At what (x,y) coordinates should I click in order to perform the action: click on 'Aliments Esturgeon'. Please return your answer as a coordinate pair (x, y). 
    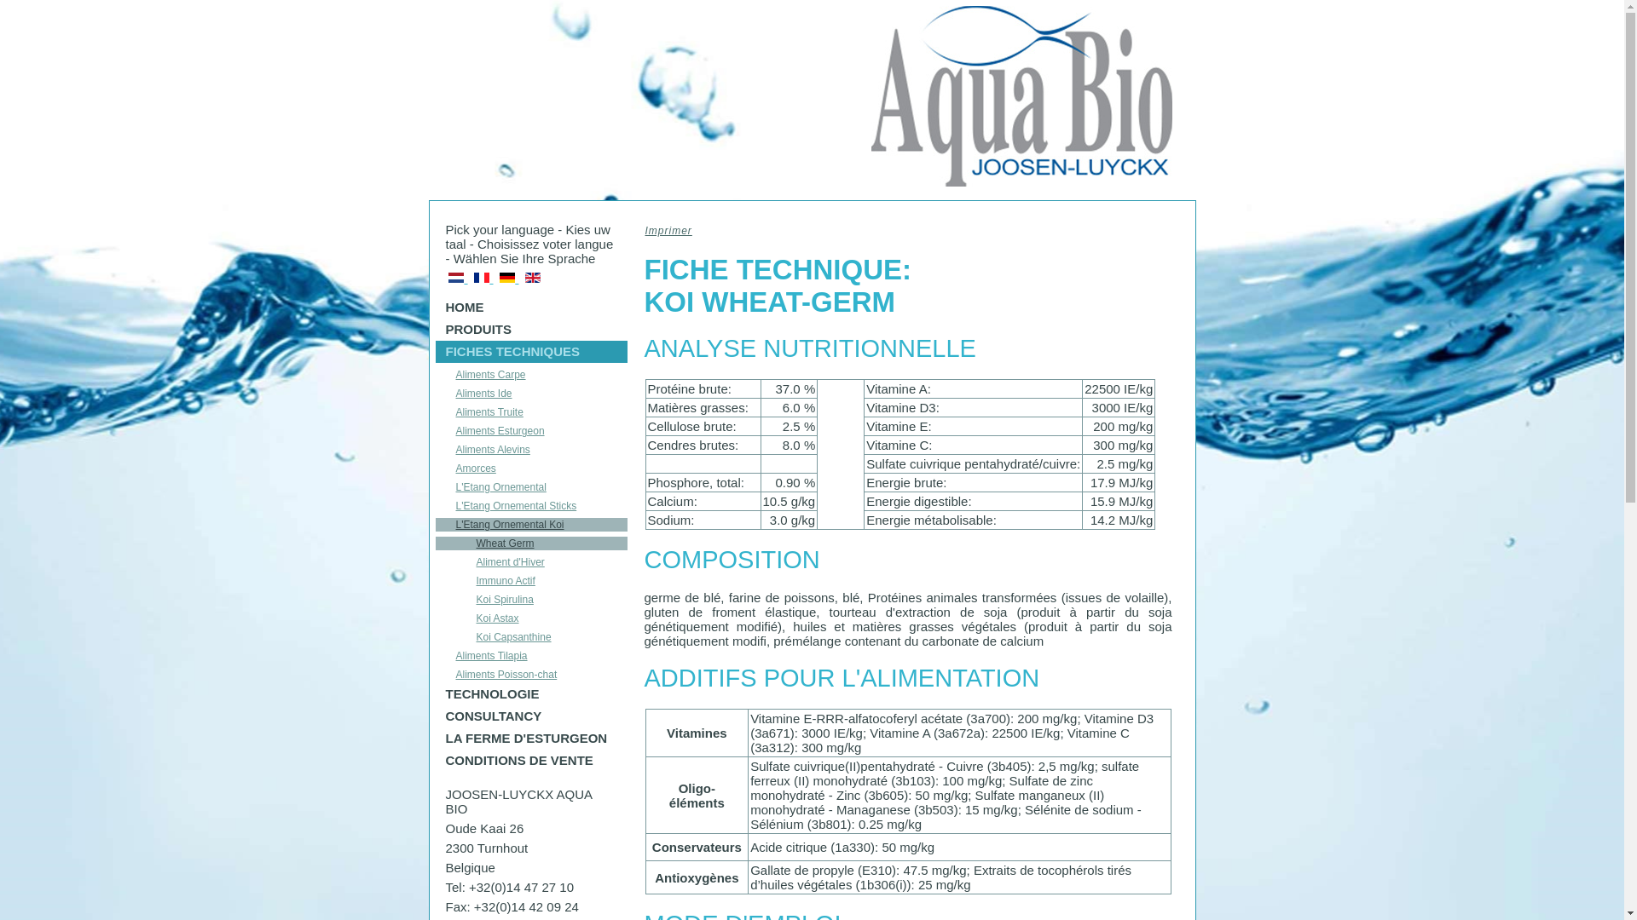
    Looking at the image, I should click on (529, 429).